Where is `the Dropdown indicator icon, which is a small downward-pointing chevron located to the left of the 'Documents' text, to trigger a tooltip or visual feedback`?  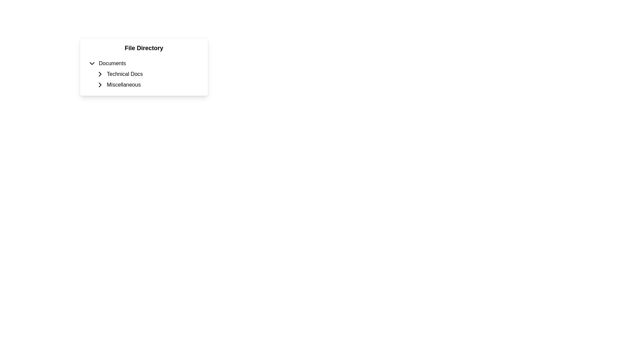
the Dropdown indicator icon, which is a small downward-pointing chevron located to the left of the 'Documents' text, to trigger a tooltip or visual feedback is located at coordinates (91, 63).